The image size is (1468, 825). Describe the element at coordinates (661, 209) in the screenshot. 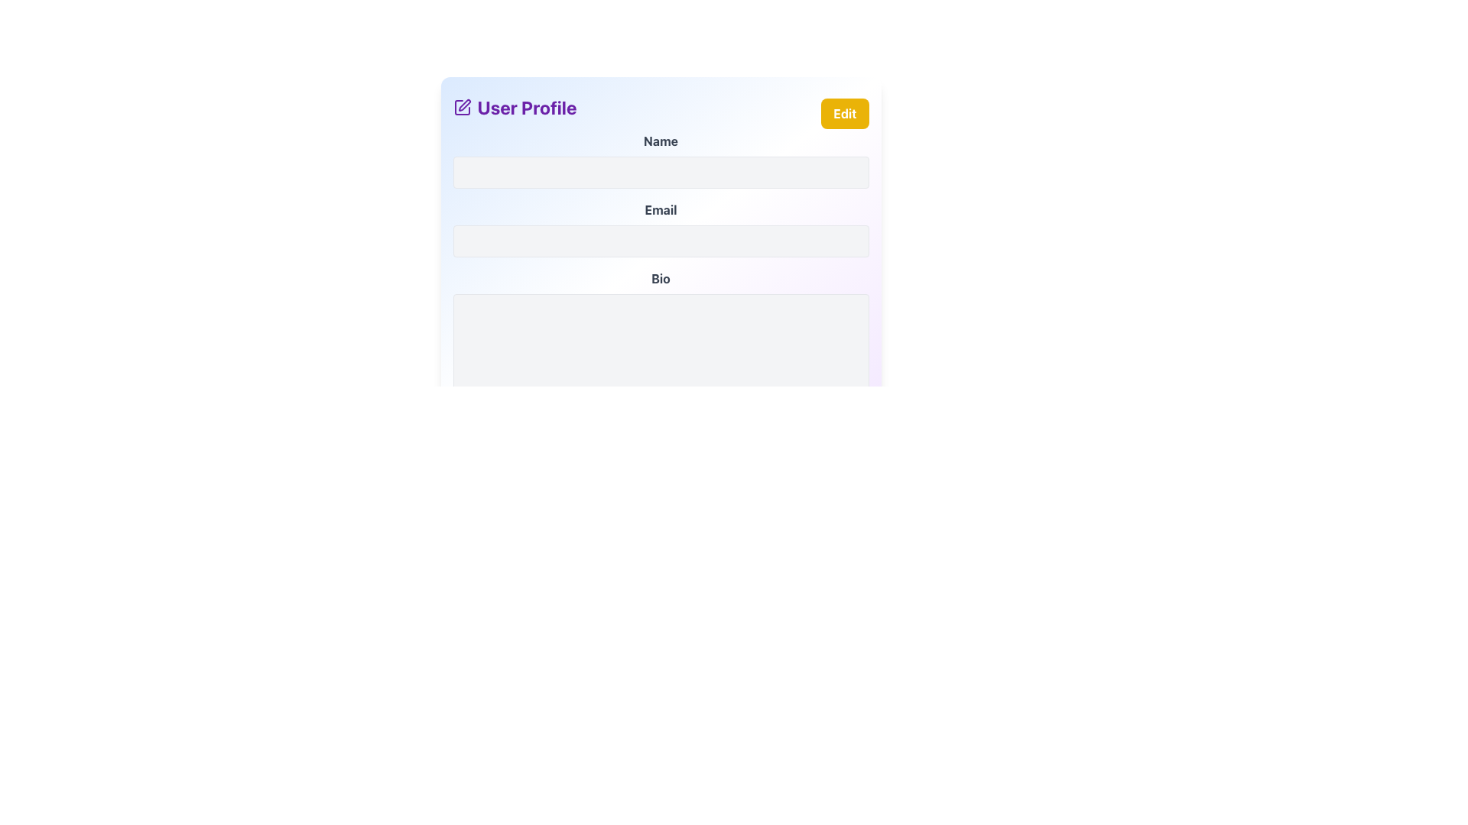

I see `the 'Email' label, which is bold, medium-sized, gray text positioned above an input box in the user profile details section of the form` at that location.